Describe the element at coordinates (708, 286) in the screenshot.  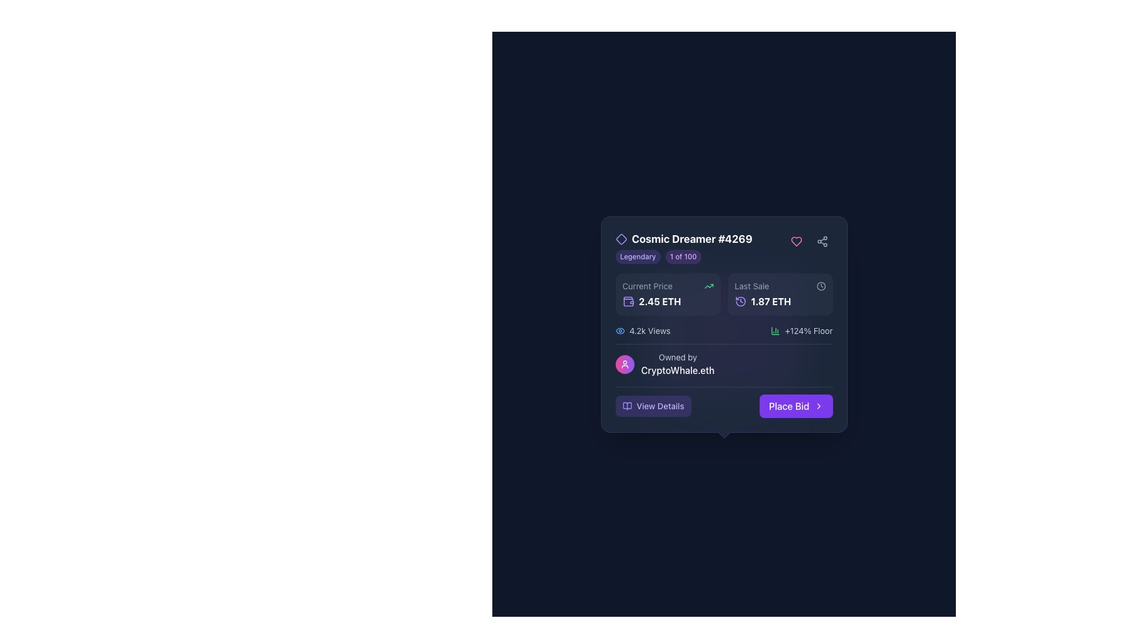
I see `the upward trend icon located in the top-right corner of the 'Current Price' section, which indicates an increase in value` at that location.